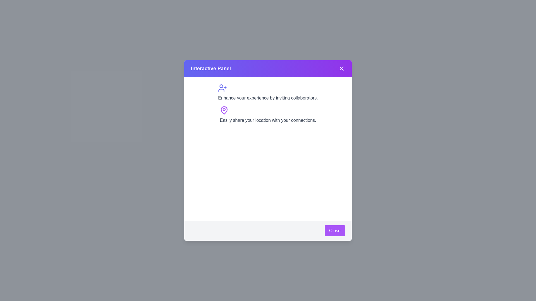 The height and width of the screenshot is (301, 536). What do you see at coordinates (341, 68) in the screenshot?
I see `the small button with a purple gradient background and white 'X' icon located at the top-right corner of the 'Interactive Panel' to potentially reveal a tooltip` at bounding box center [341, 68].